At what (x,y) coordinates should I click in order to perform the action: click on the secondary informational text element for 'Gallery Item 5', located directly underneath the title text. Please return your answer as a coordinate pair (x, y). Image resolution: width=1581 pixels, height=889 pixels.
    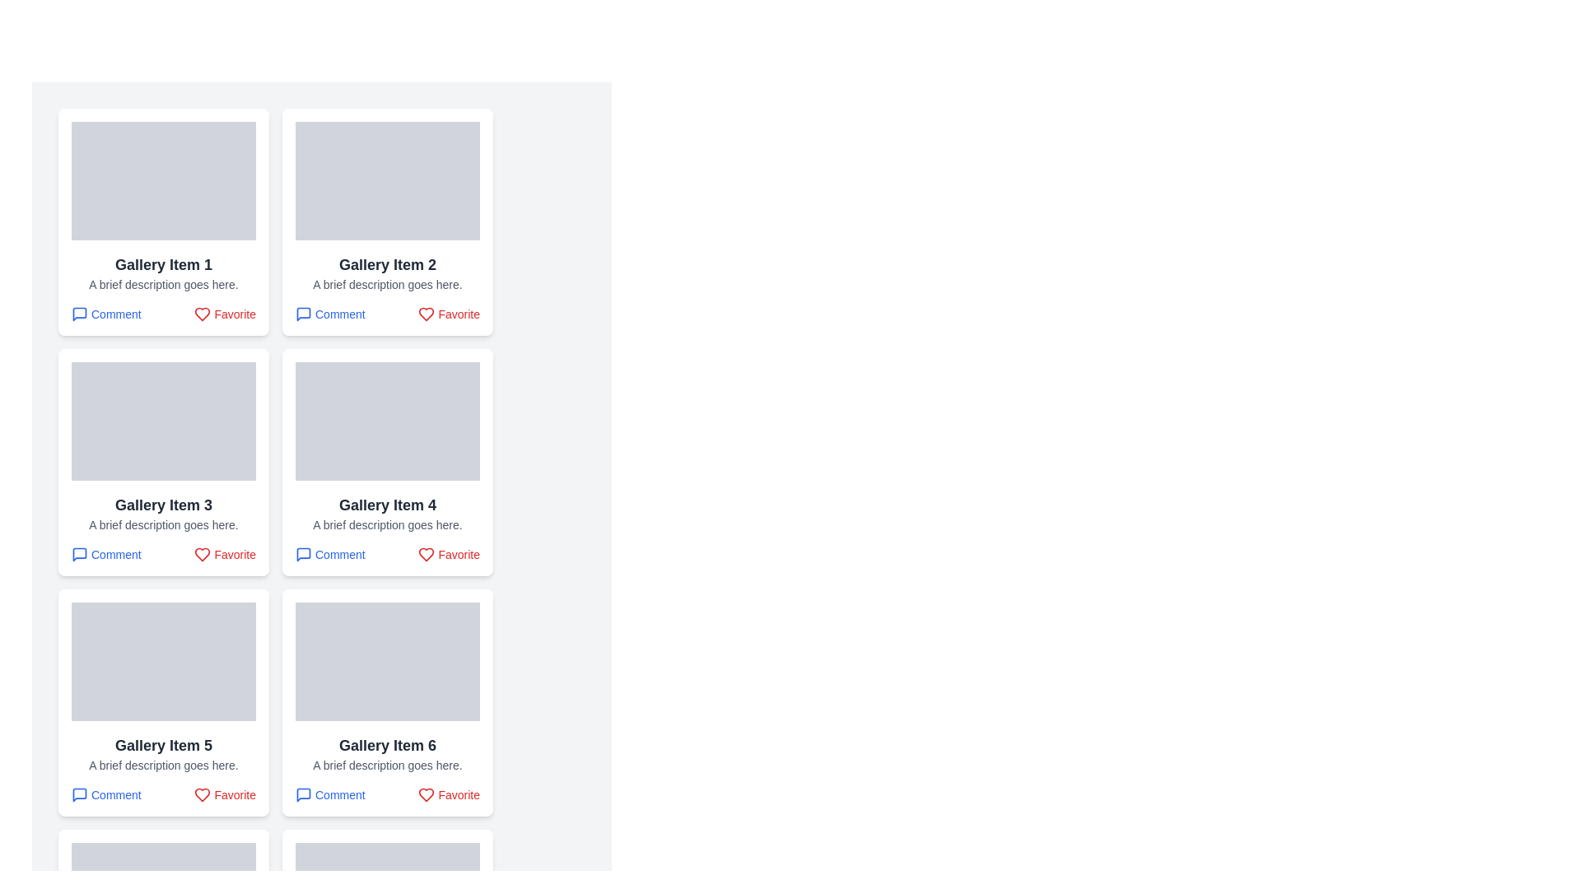
    Looking at the image, I should click on (163, 765).